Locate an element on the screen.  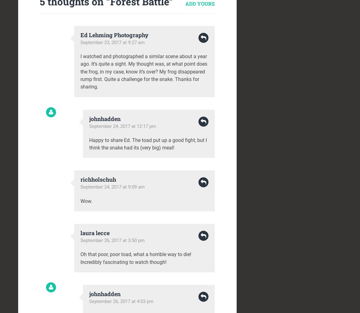
'richholschuh' is located at coordinates (80, 179).